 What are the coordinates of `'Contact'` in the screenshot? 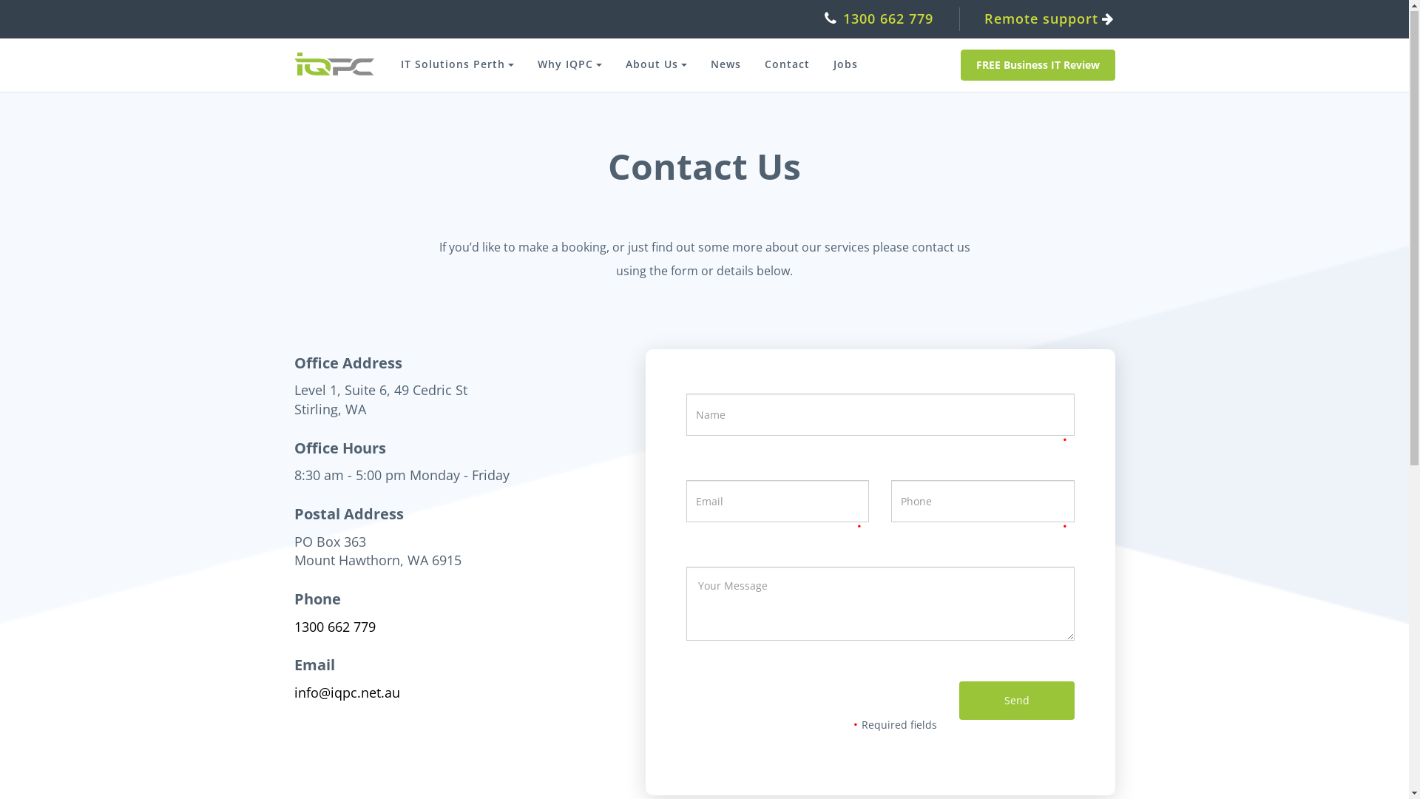 It's located at (786, 64).